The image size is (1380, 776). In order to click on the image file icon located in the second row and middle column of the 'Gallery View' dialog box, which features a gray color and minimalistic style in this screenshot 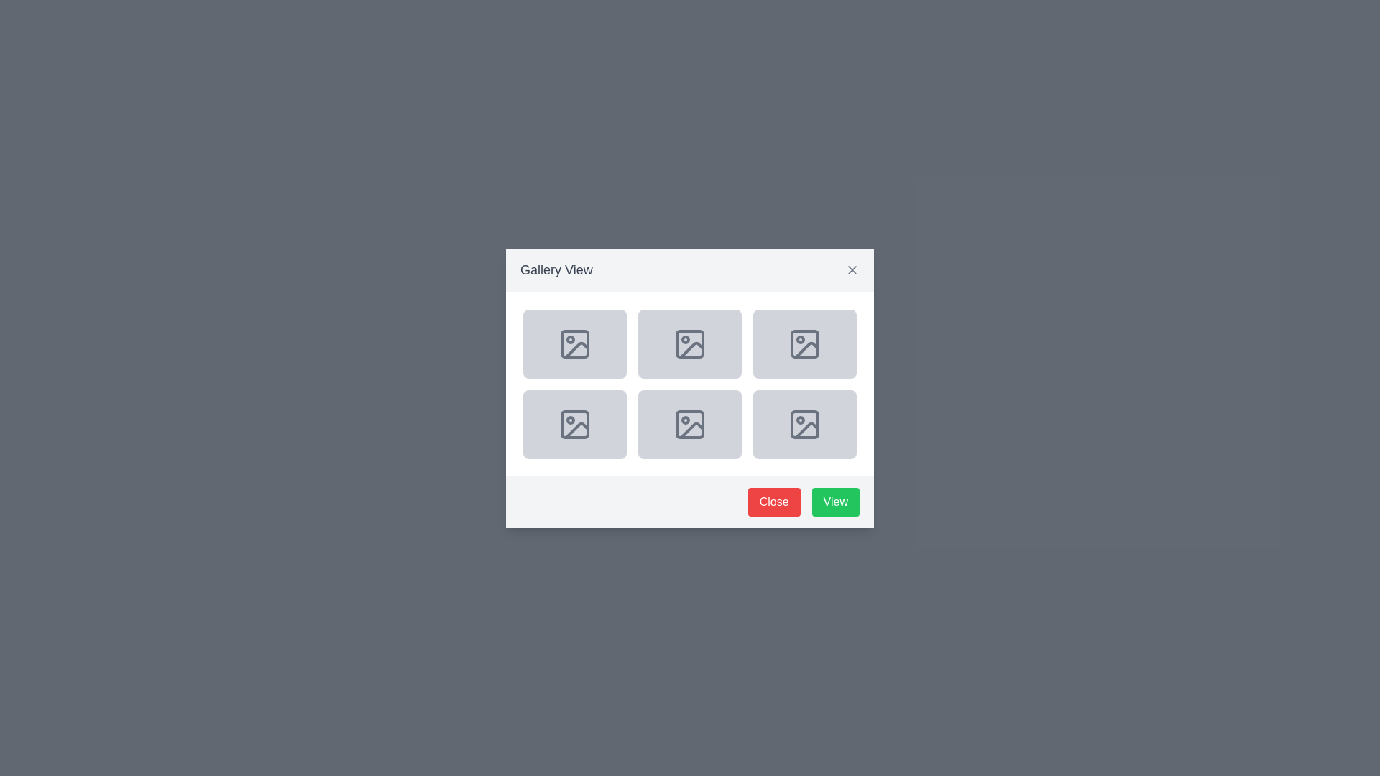, I will do `click(690, 423)`.